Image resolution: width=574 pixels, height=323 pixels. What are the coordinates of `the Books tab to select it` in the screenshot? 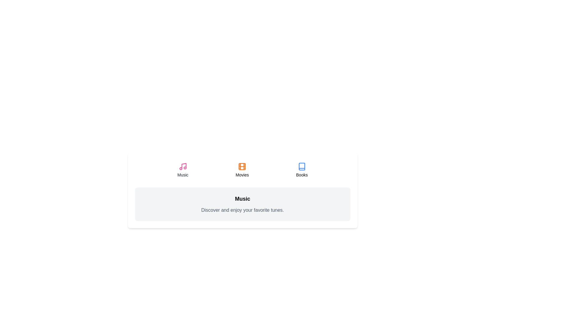 It's located at (302, 170).